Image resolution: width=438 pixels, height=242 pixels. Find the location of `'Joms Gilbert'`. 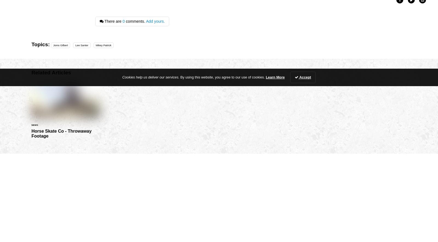

'Joms Gilbert' is located at coordinates (60, 45).